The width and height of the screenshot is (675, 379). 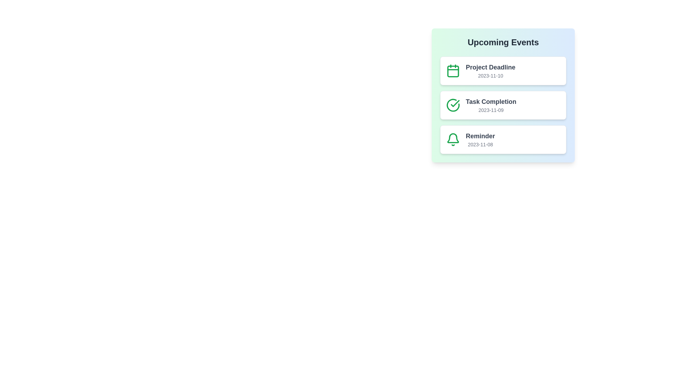 I want to click on the text 'Project Deadline' to select it, so click(x=503, y=71).